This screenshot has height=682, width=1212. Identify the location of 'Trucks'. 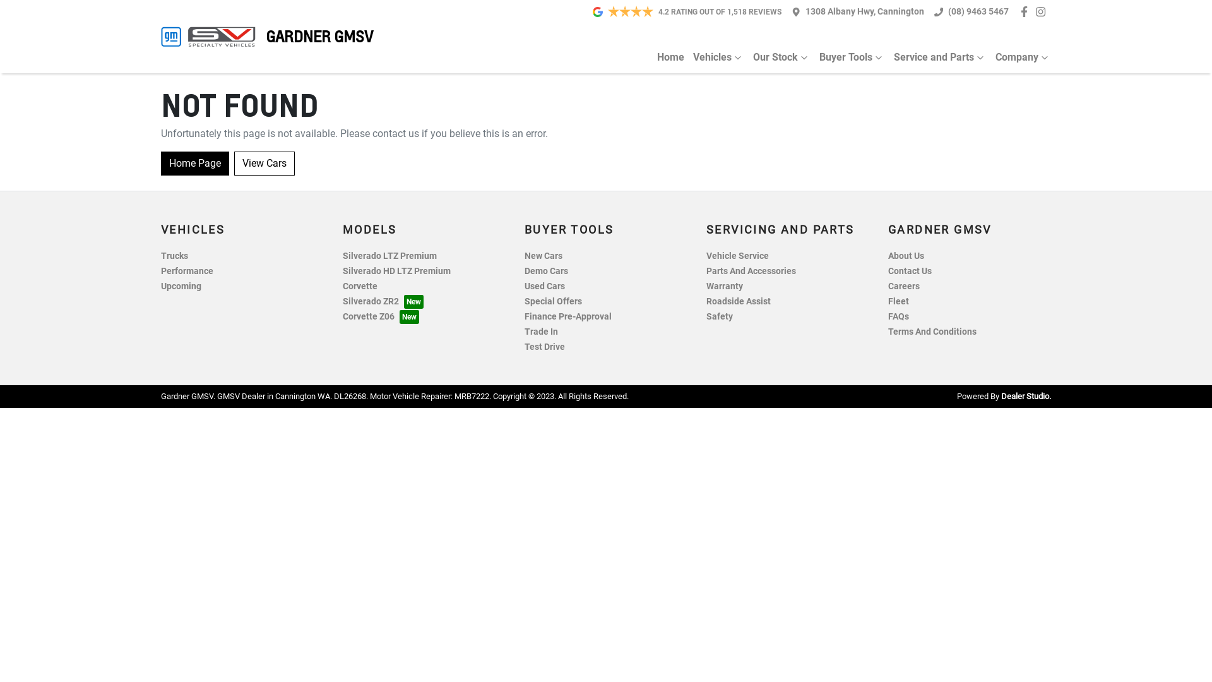
(174, 256).